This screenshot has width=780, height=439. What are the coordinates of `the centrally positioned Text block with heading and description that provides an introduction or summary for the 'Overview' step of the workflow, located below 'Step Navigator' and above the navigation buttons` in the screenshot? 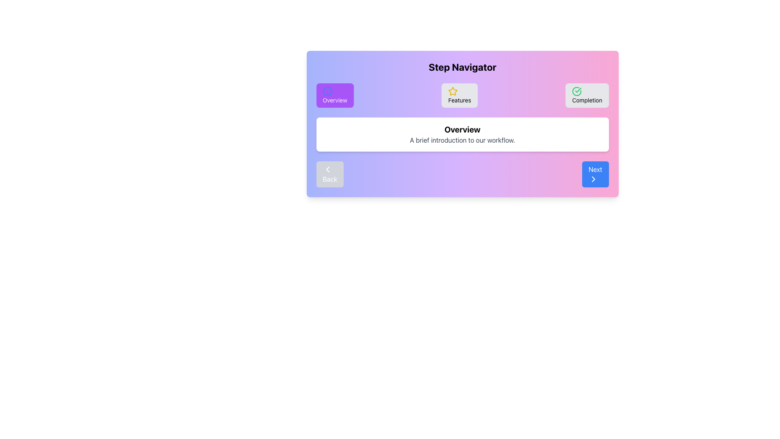 It's located at (462, 134).